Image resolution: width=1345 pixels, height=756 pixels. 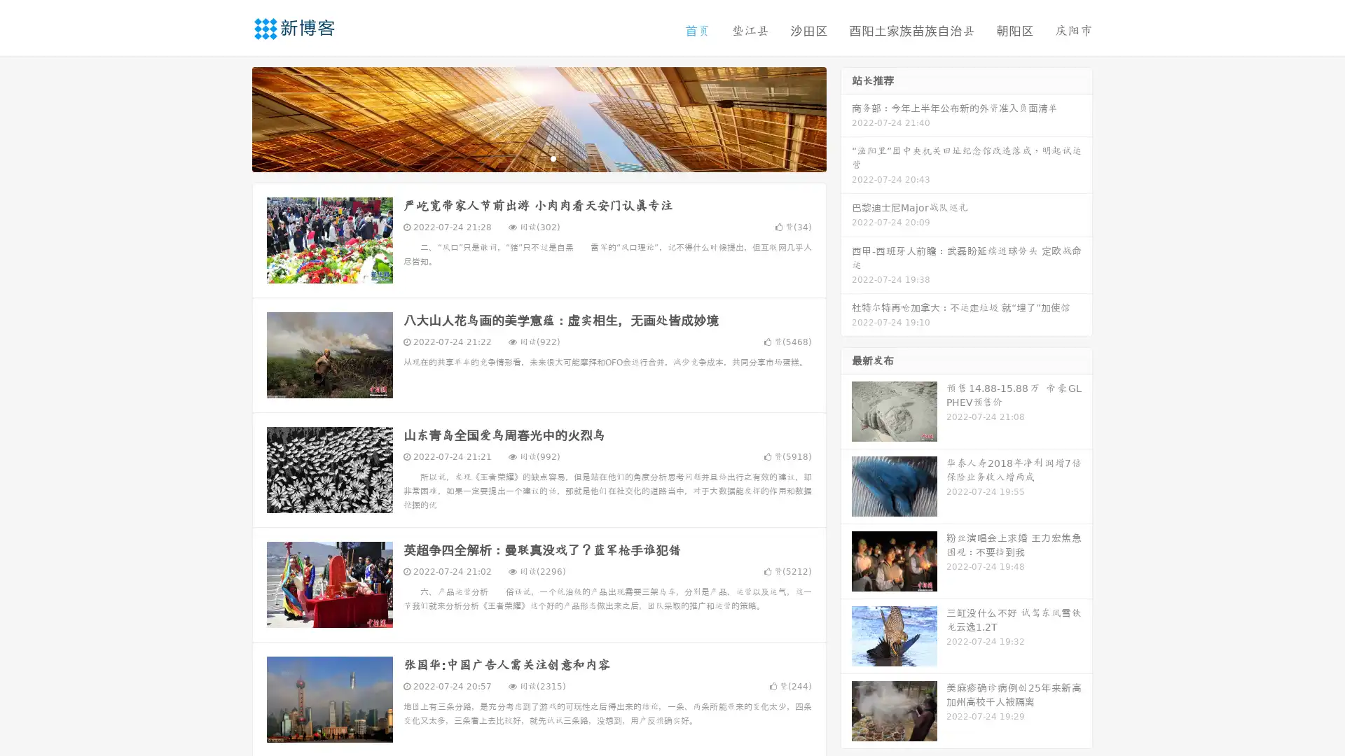 What do you see at coordinates (538, 157) in the screenshot?
I see `Go to slide 2` at bounding box center [538, 157].